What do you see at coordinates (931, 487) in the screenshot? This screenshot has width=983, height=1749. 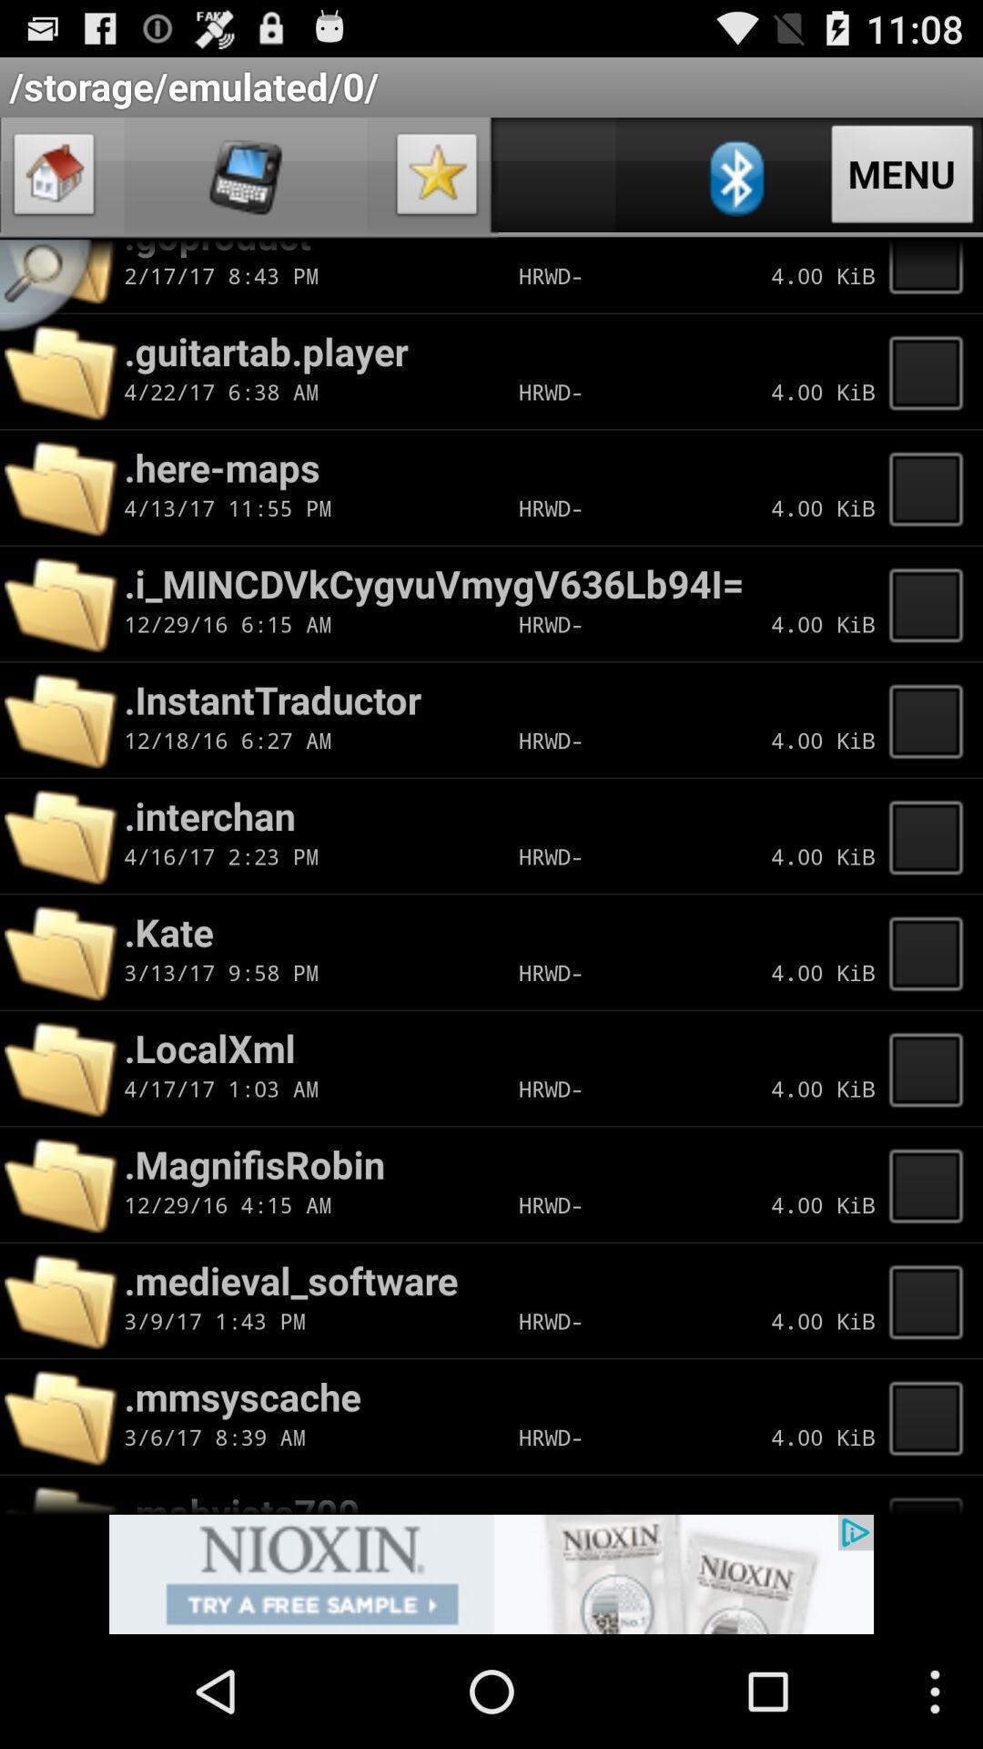 I see `file option` at bounding box center [931, 487].